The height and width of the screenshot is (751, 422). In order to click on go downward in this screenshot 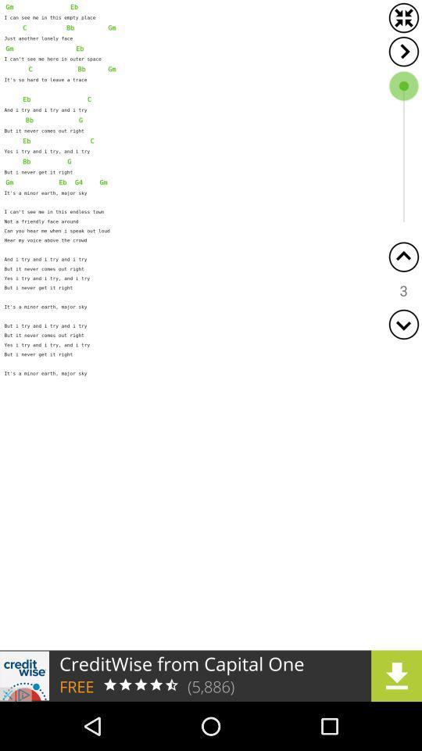, I will do `click(403, 323)`.